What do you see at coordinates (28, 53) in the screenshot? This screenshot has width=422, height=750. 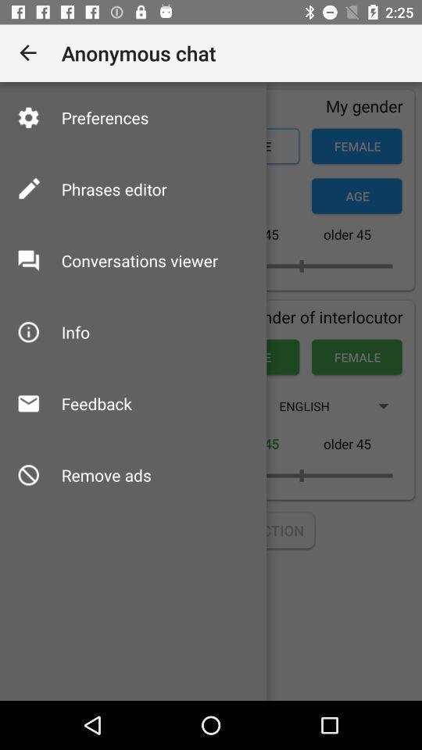 I see `app next to anonymous chat` at bounding box center [28, 53].